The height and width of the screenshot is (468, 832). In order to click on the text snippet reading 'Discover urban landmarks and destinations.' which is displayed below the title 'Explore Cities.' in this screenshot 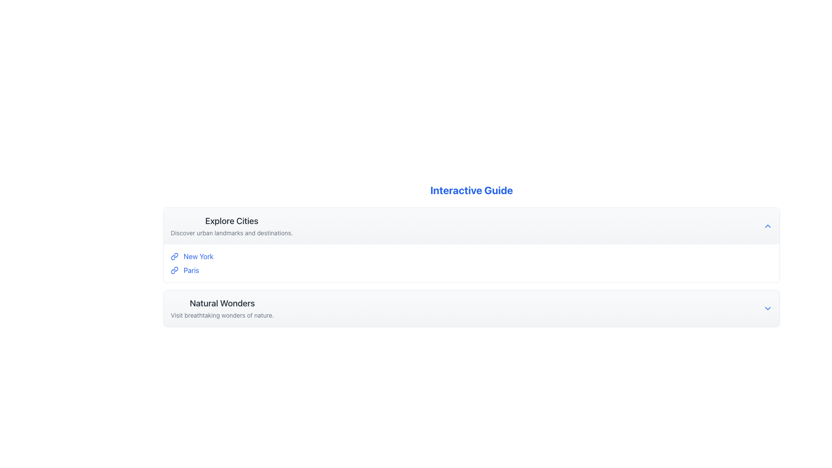, I will do `click(232, 232)`.